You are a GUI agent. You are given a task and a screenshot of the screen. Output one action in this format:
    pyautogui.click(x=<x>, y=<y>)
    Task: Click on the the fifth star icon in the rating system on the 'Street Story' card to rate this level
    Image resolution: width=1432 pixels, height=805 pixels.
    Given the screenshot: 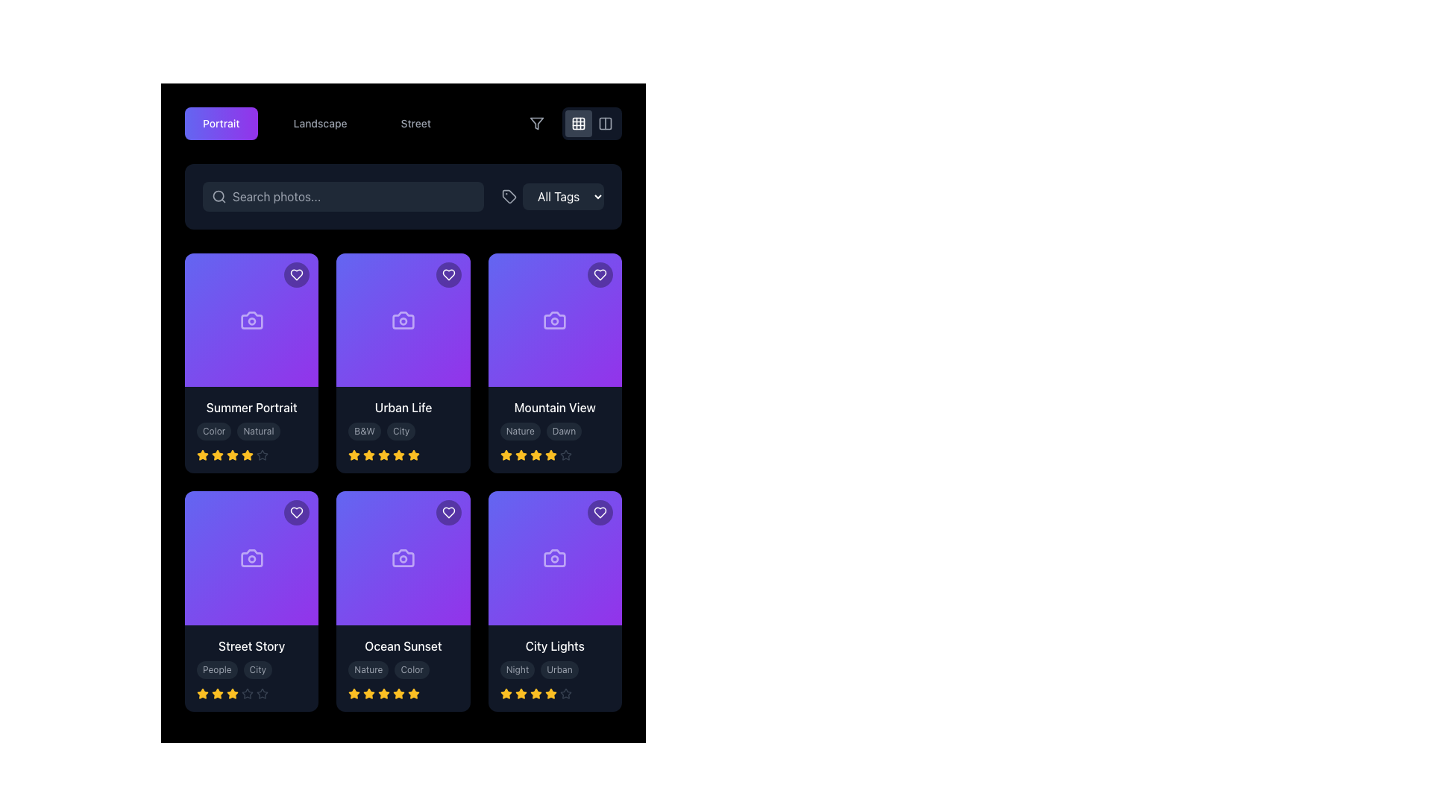 What is the action you would take?
    pyautogui.click(x=251, y=693)
    